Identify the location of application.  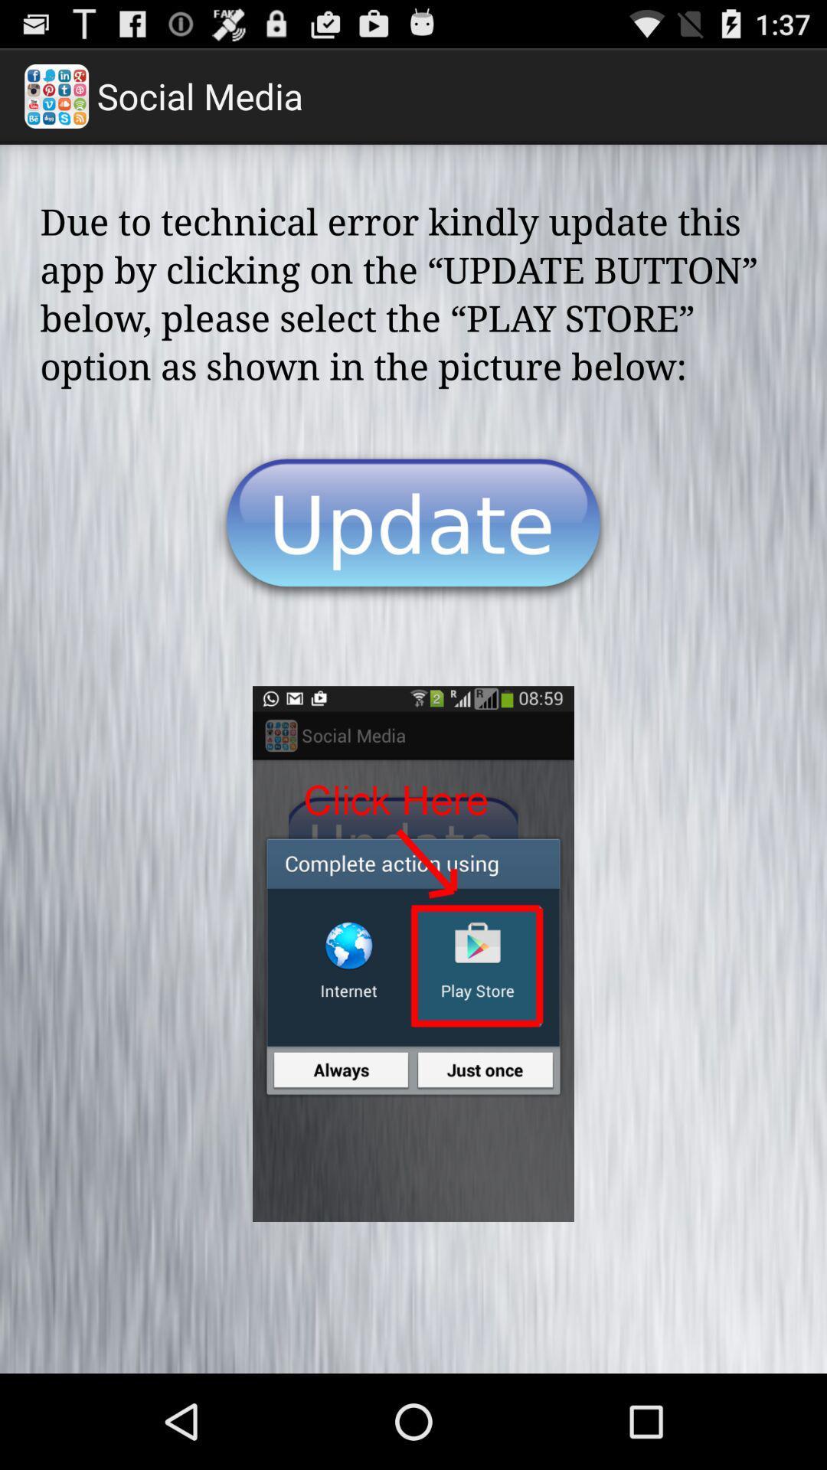
(413, 528).